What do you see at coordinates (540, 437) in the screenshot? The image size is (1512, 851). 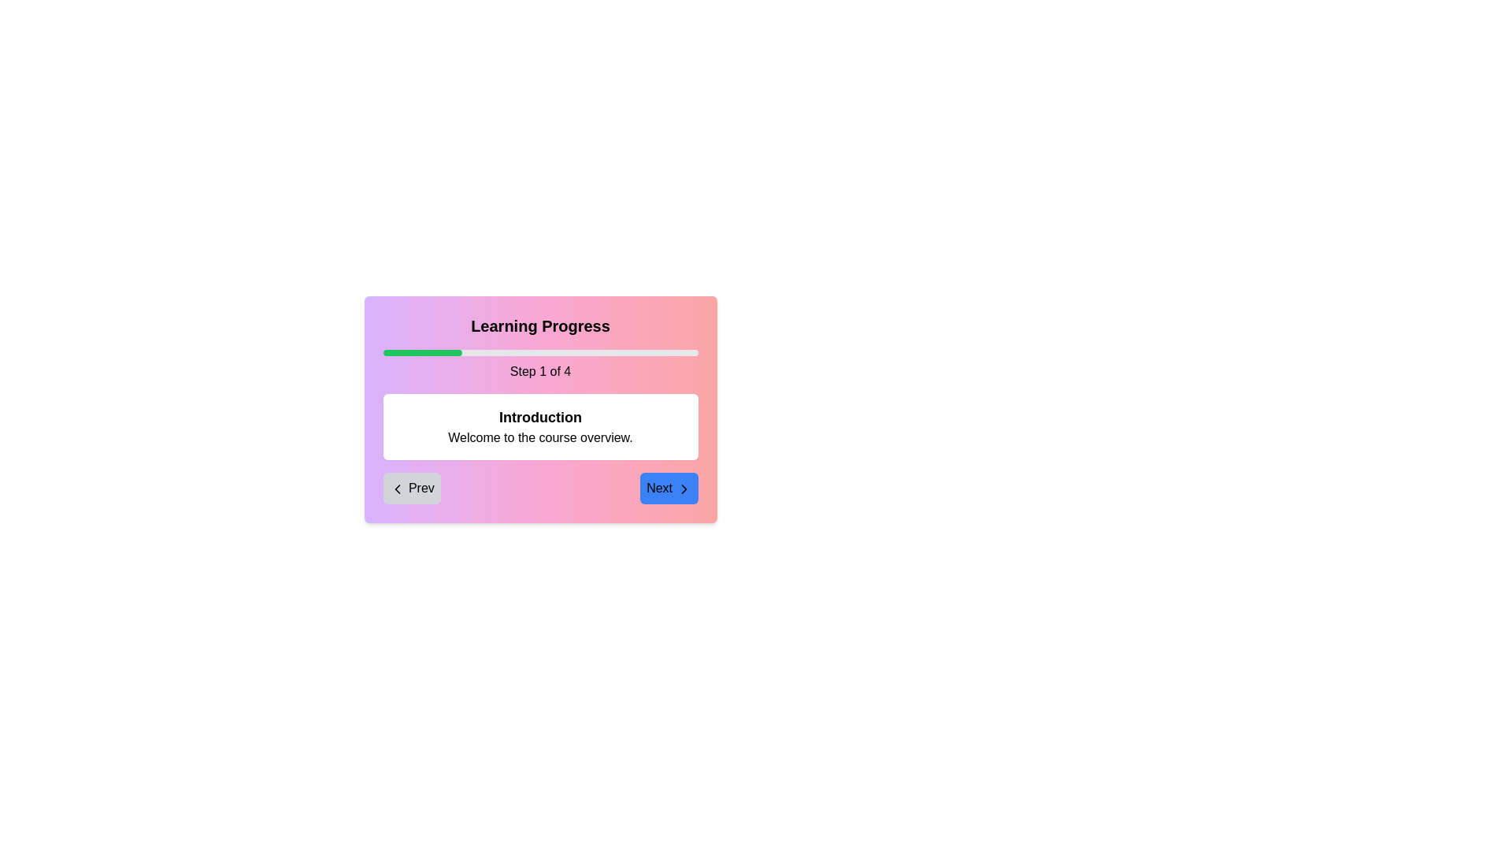 I see `the text label displaying 'Welcome to the course overview.' which is centered below the 'Introduction' header in a white, rounded rectangular card` at bounding box center [540, 437].